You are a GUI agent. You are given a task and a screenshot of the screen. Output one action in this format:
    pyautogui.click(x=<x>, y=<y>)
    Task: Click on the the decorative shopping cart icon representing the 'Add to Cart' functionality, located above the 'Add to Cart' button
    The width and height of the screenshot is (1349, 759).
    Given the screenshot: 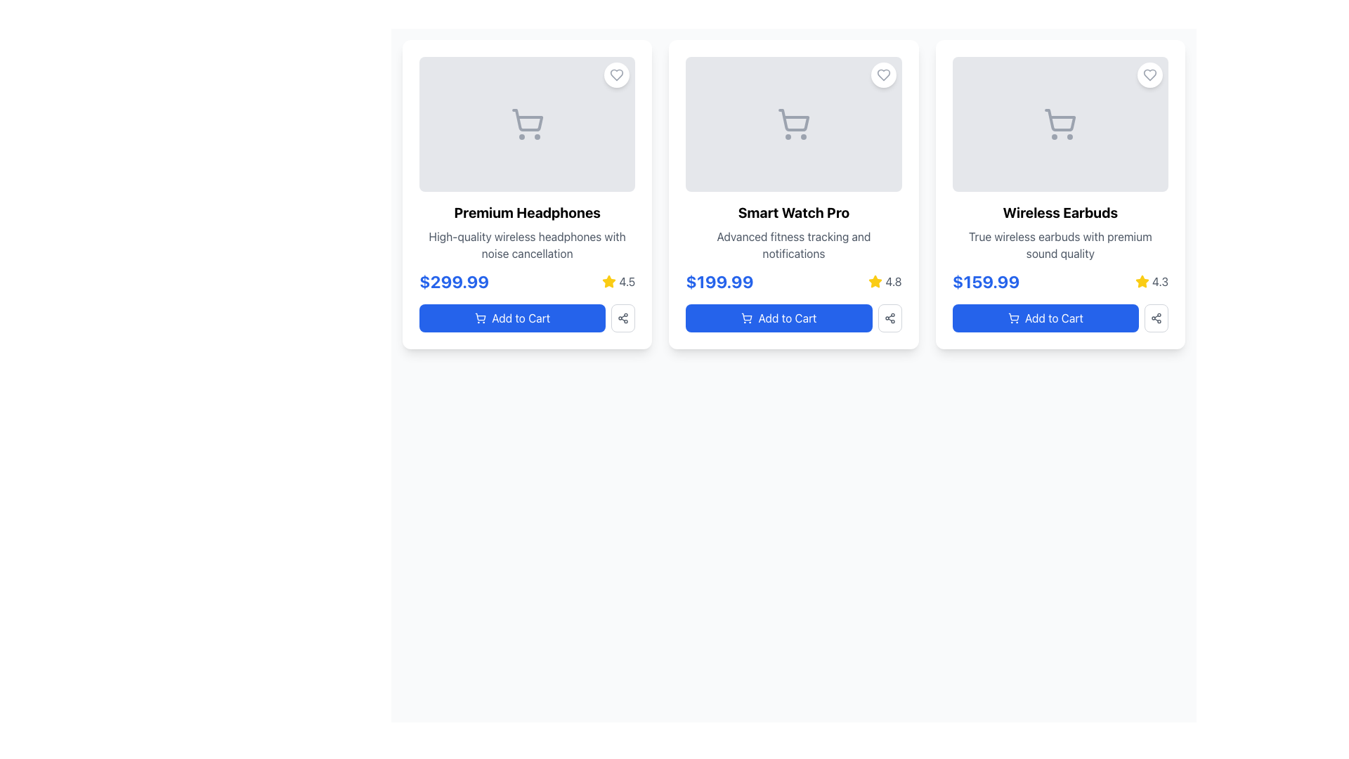 What is the action you would take?
    pyautogui.click(x=1013, y=317)
    